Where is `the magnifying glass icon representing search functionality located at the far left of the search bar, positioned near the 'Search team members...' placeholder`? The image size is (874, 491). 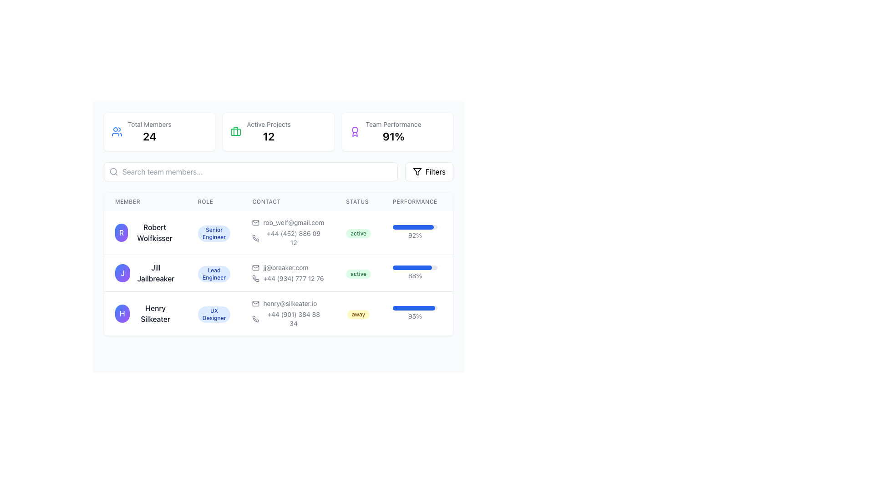 the magnifying glass icon representing search functionality located at the far left of the search bar, positioned near the 'Search team members...' placeholder is located at coordinates (113, 172).